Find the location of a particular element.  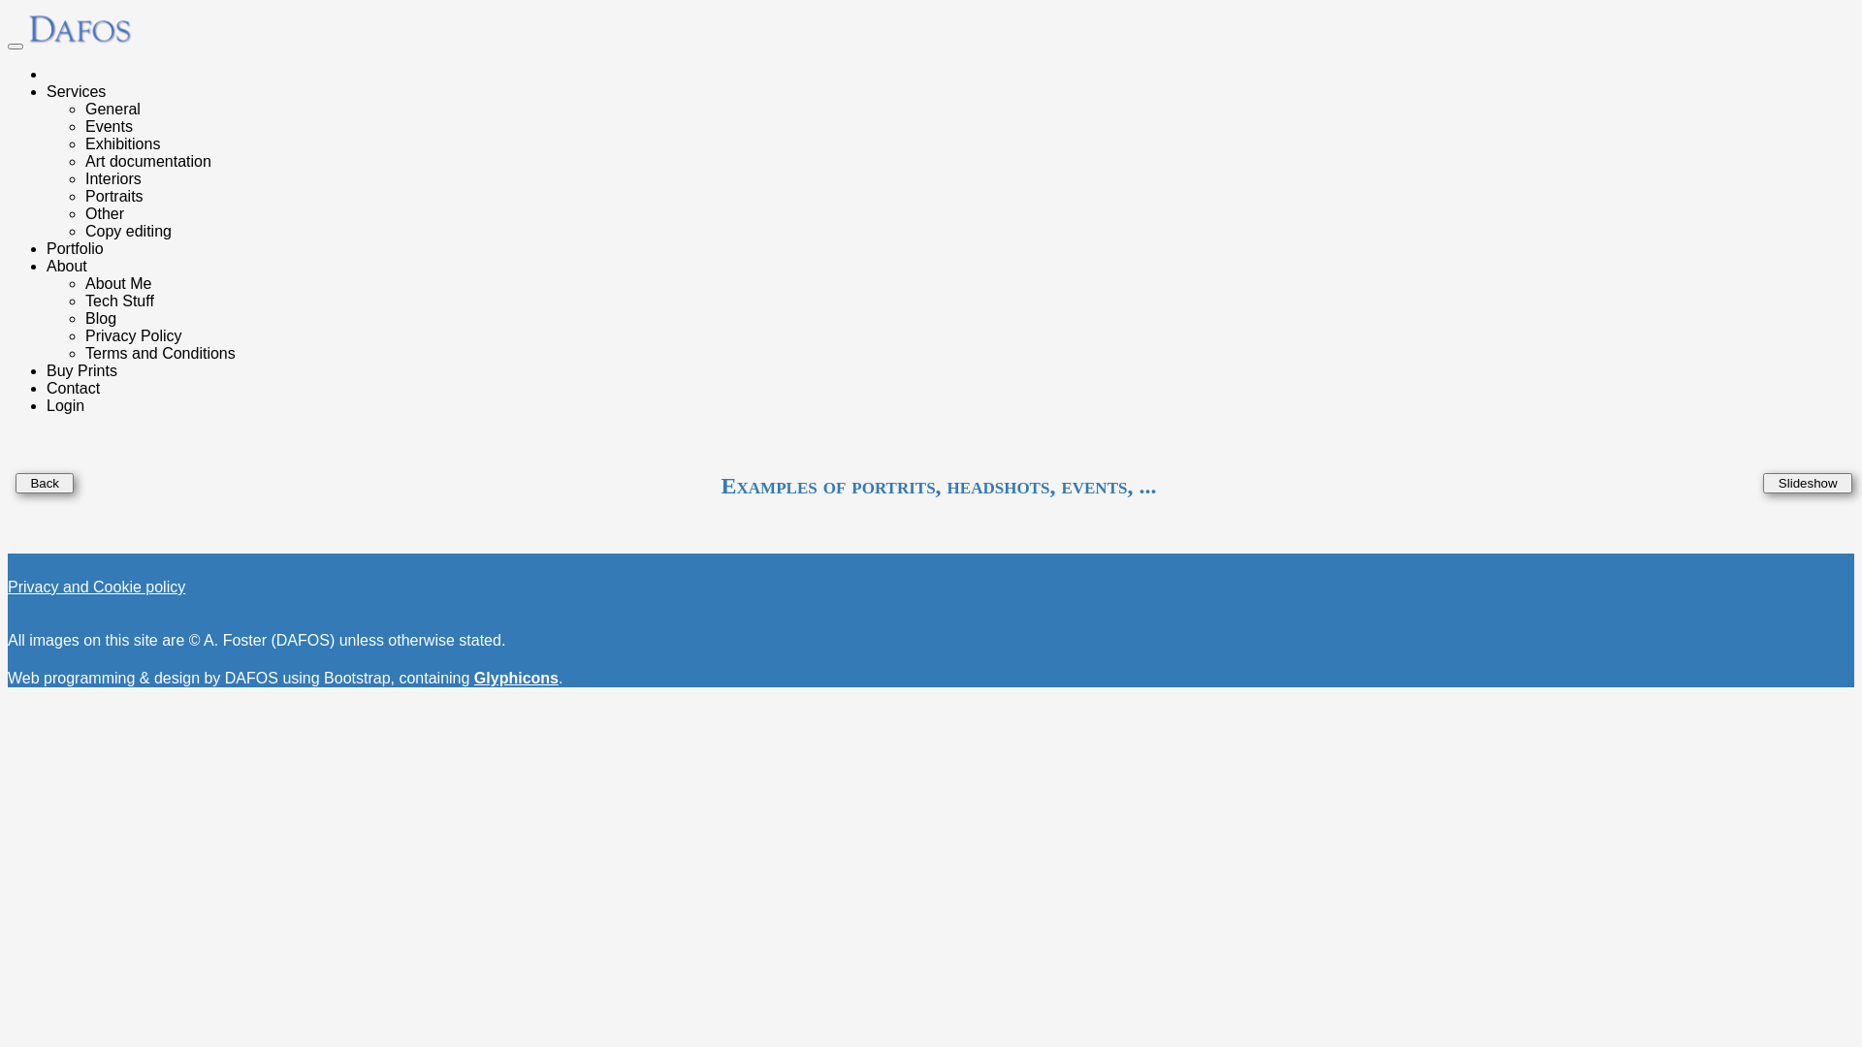

'  Slideshow  ' is located at coordinates (1806, 482).